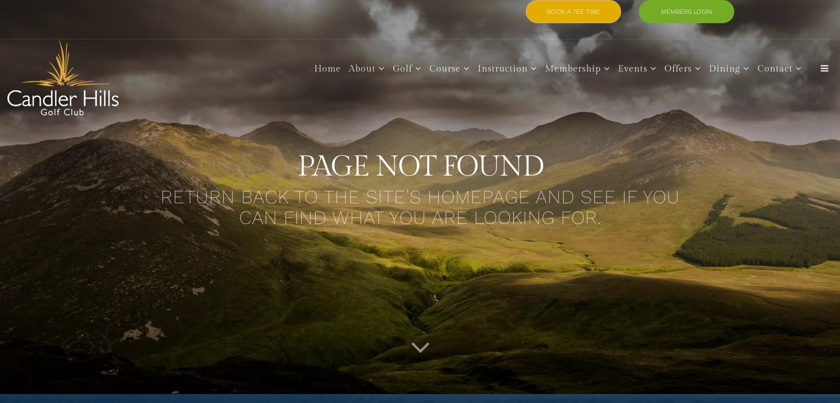 Image resolution: width=840 pixels, height=403 pixels. I want to click on 'PAGE NOT FOUND', so click(419, 166).